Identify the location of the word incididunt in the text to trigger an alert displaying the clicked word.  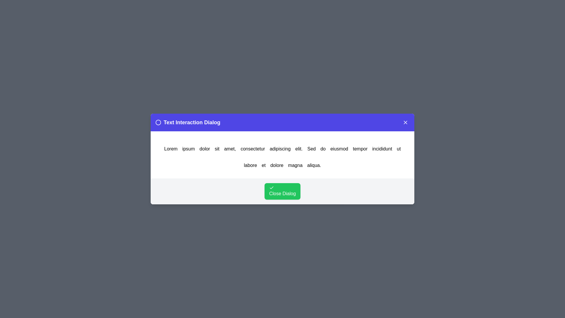
(382, 148).